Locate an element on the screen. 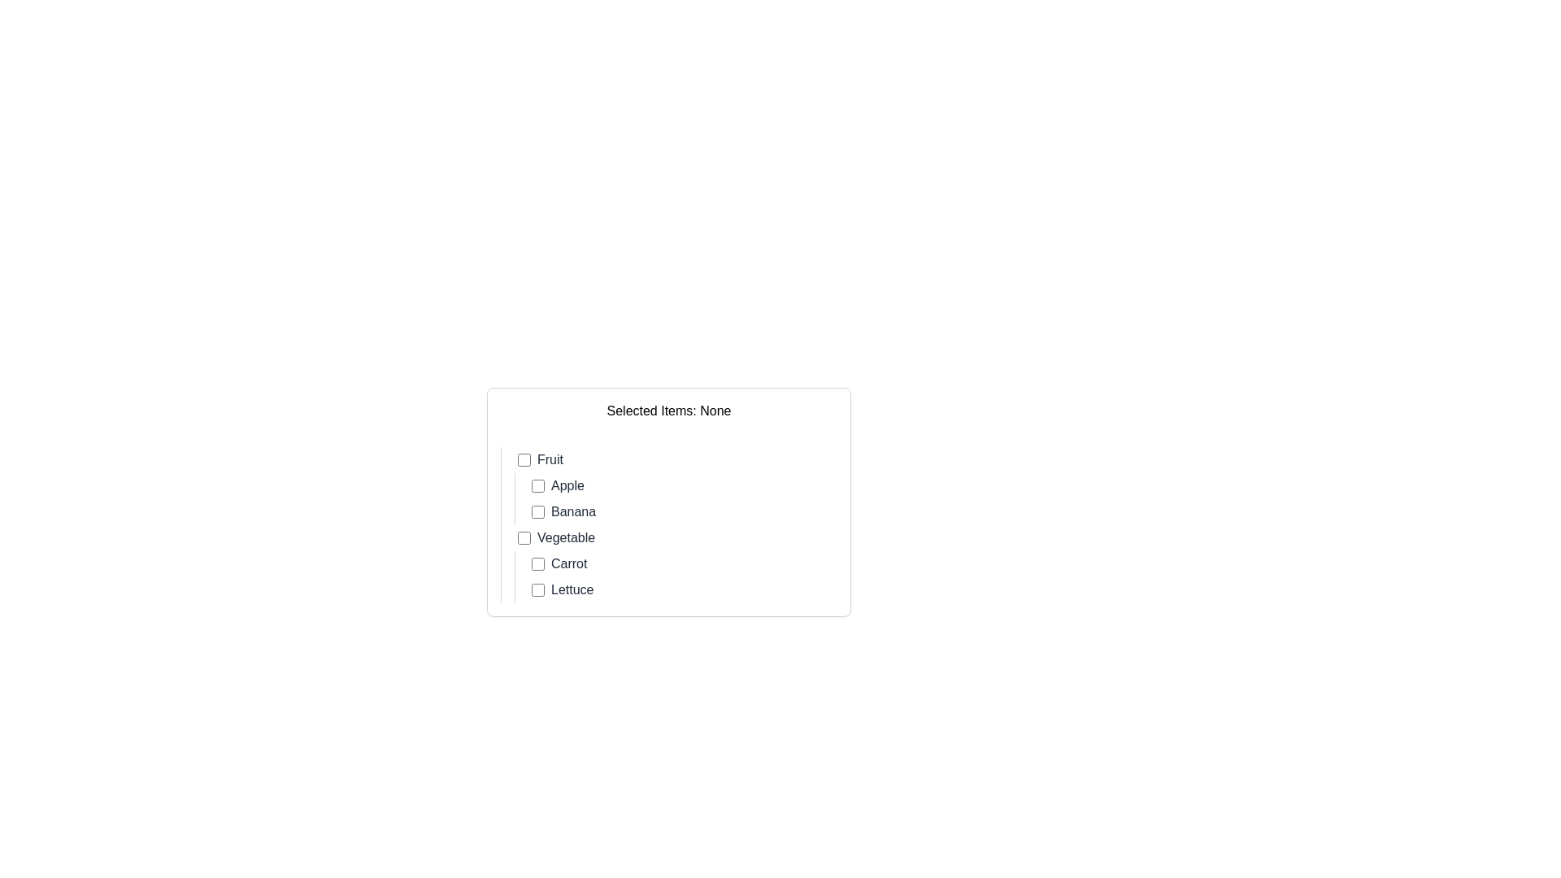  the 'Vegetable' category checkbox is located at coordinates (676, 538).